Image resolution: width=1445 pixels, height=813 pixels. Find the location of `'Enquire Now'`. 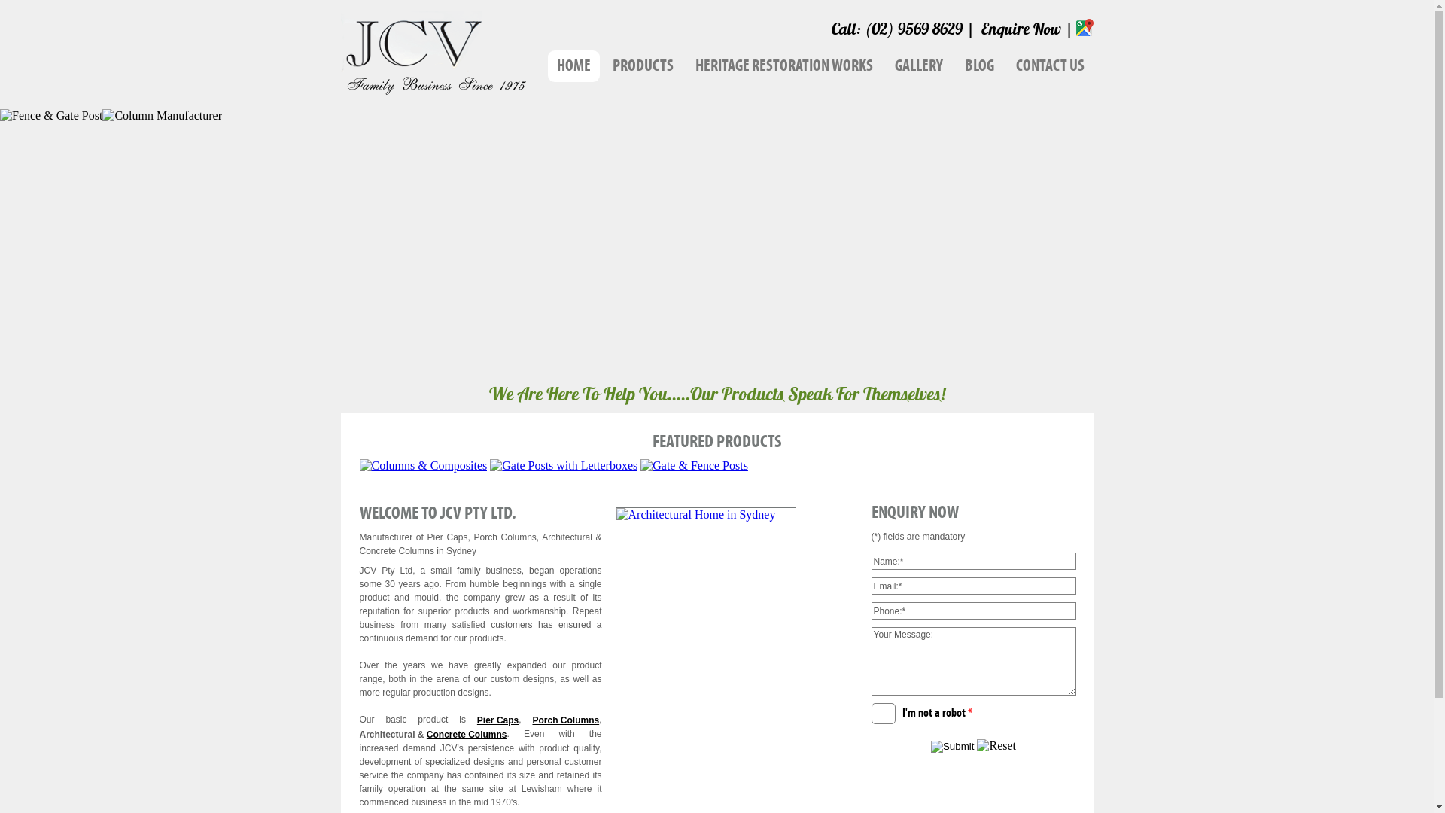

'Enquire Now' is located at coordinates (1021, 29).